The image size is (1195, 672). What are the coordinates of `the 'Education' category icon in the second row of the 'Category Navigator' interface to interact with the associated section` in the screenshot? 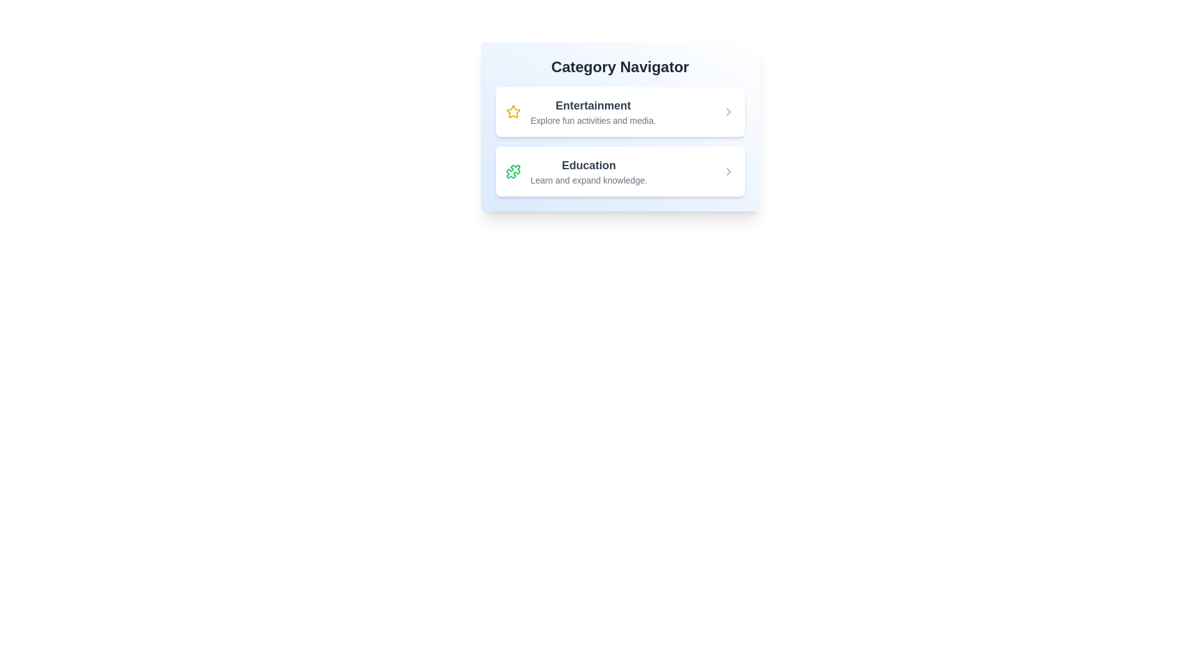 It's located at (513, 172).